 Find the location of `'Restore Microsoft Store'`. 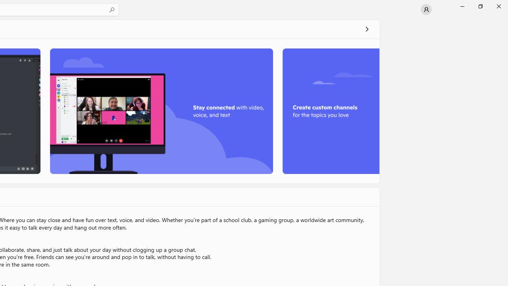

'Restore Microsoft Store' is located at coordinates (480, 6).